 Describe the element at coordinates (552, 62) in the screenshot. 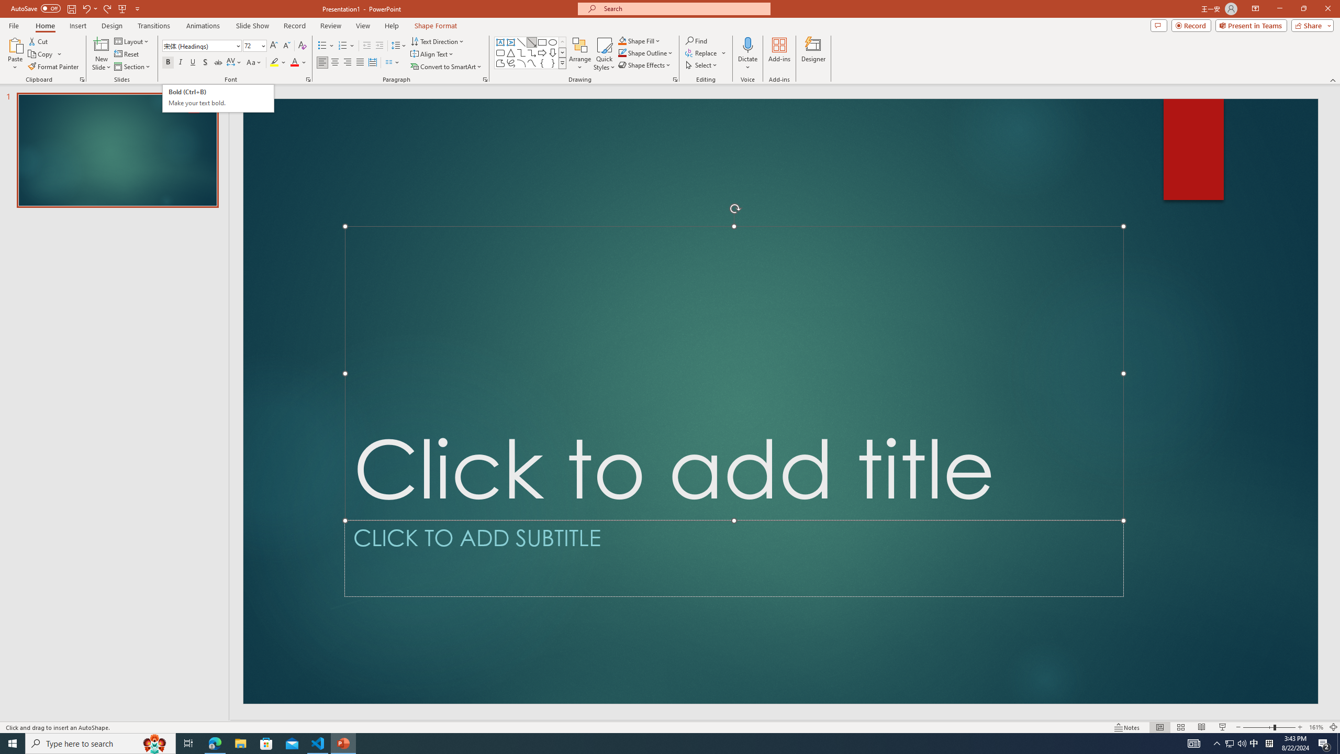

I see `'Right Brace'` at that location.